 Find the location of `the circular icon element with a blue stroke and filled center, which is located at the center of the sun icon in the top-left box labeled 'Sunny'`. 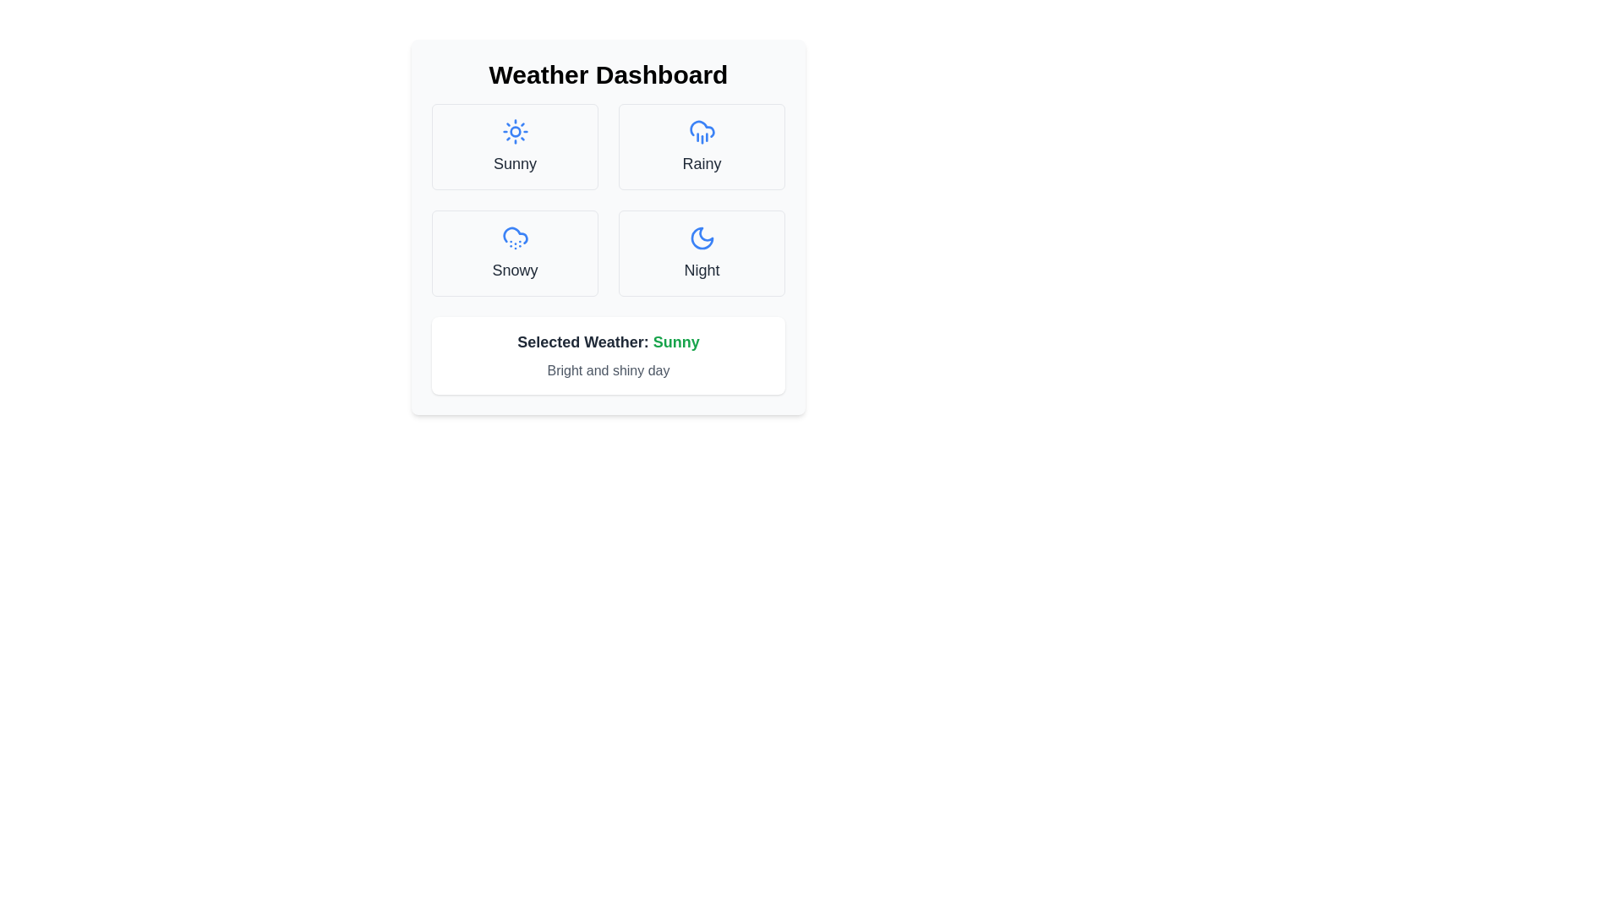

the circular icon element with a blue stroke and filled center, which is located at the center of the sun icon in the top-left box labeled 'Sunny' is located at coordinates (514, 130).